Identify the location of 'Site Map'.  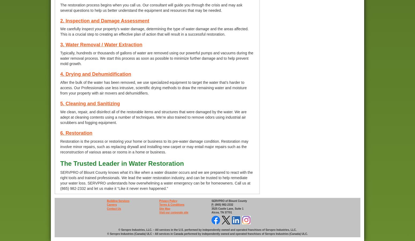
(164, 208).